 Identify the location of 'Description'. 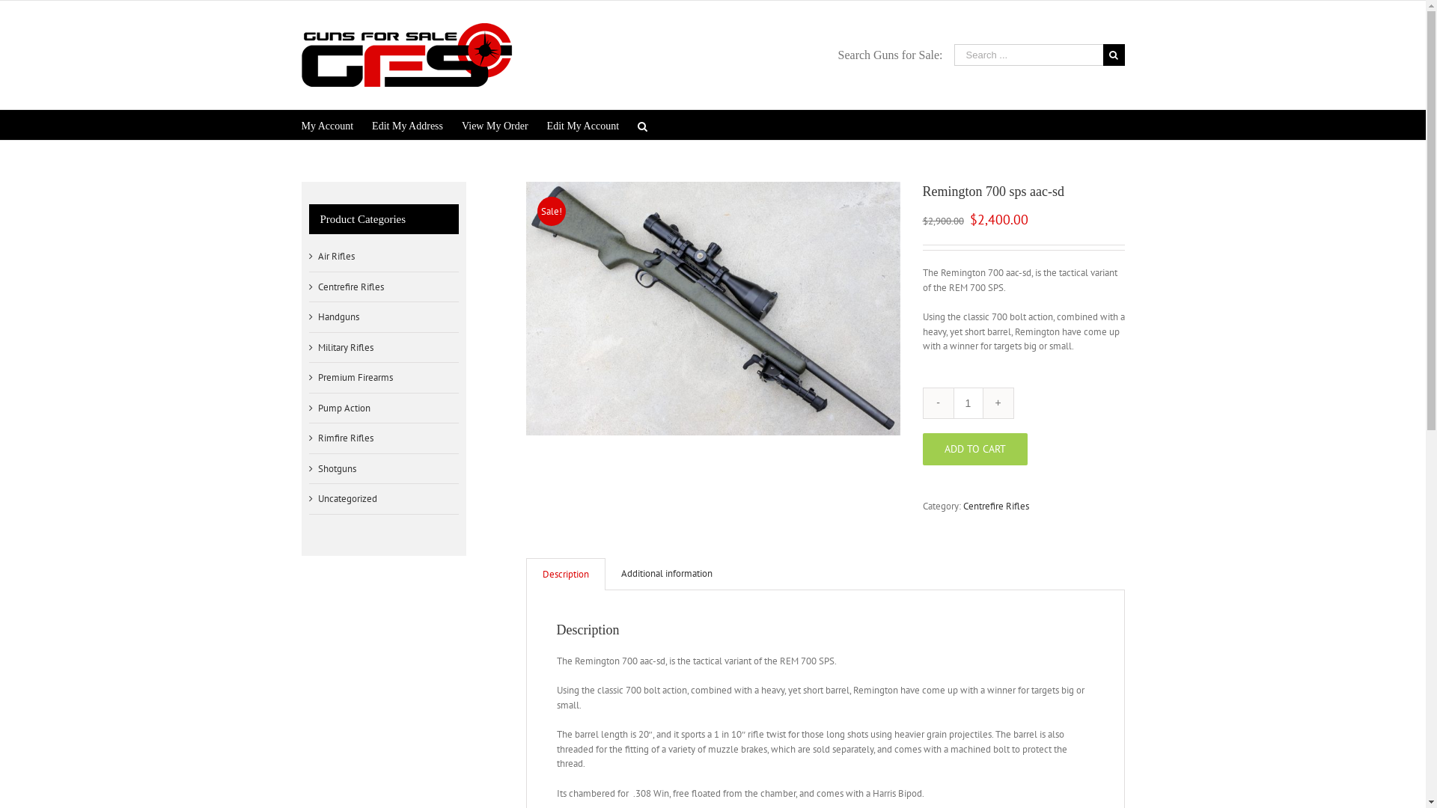
(564, 573).